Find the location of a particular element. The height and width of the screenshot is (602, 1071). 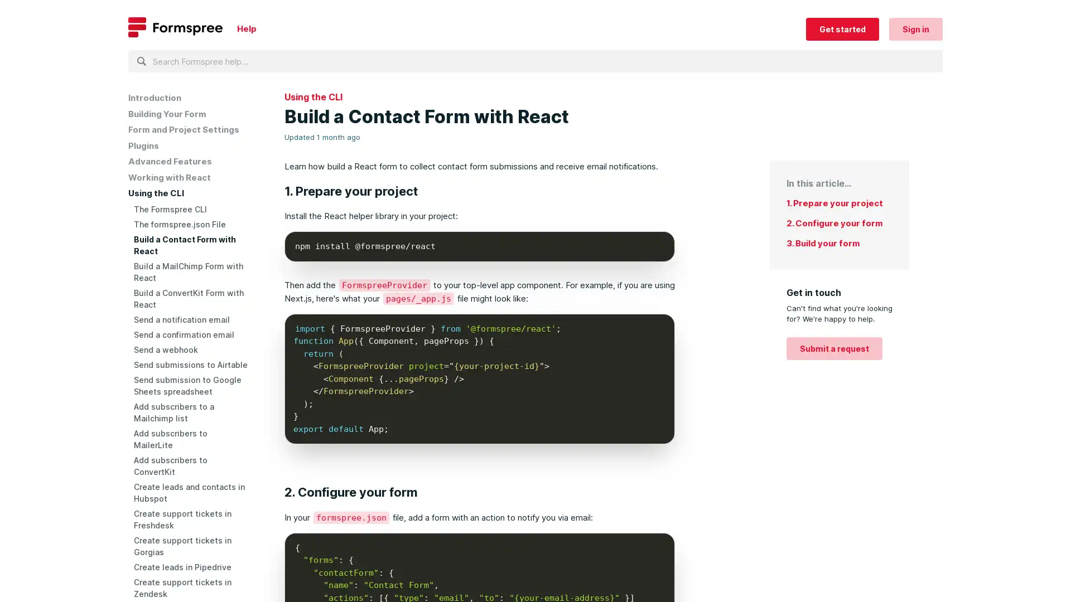

Copy is located at coordinates (661, 323).